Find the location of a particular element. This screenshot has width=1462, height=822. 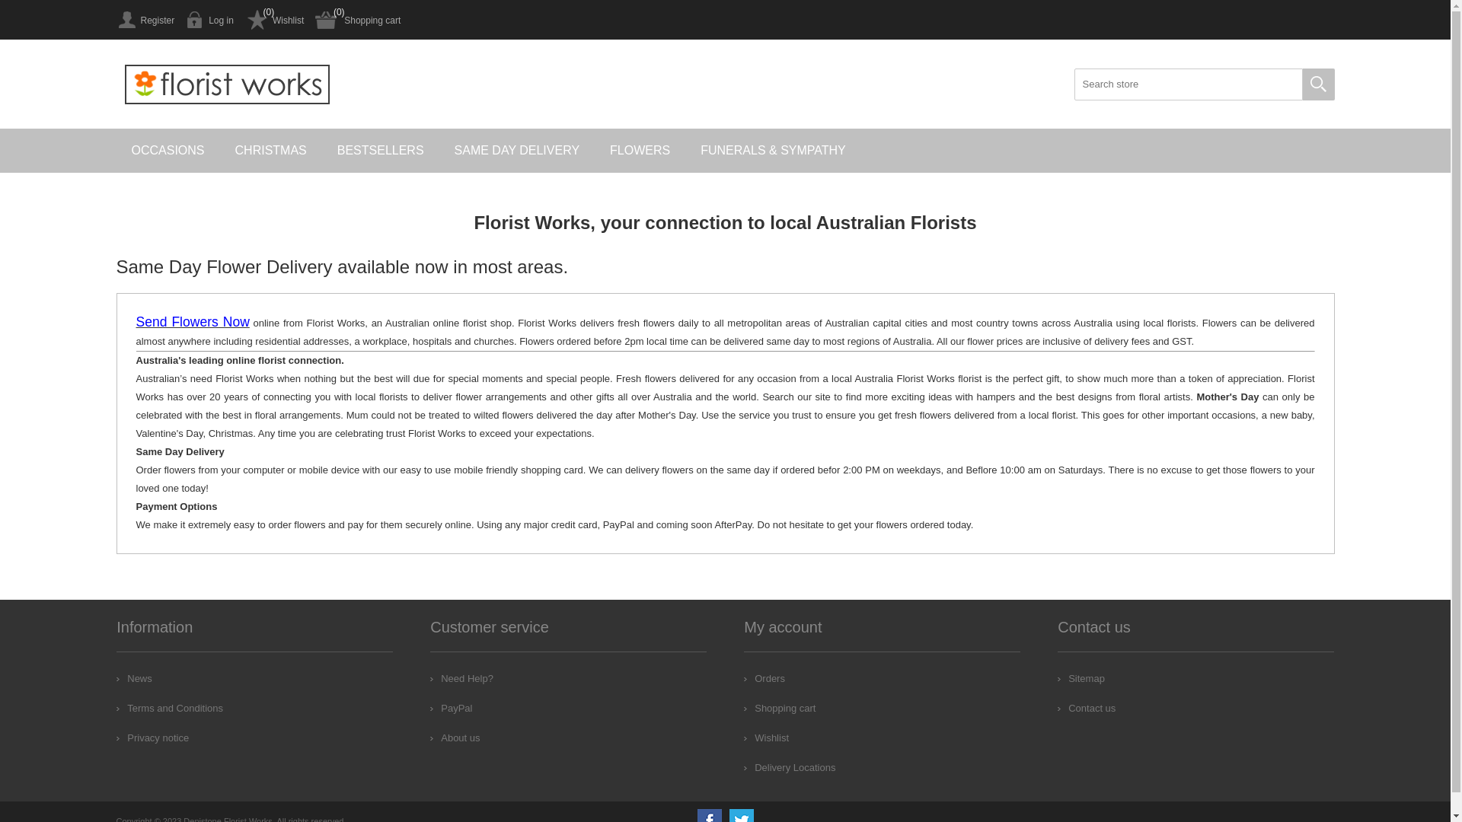

'Wishlist' is located at coordinates (766, 737).